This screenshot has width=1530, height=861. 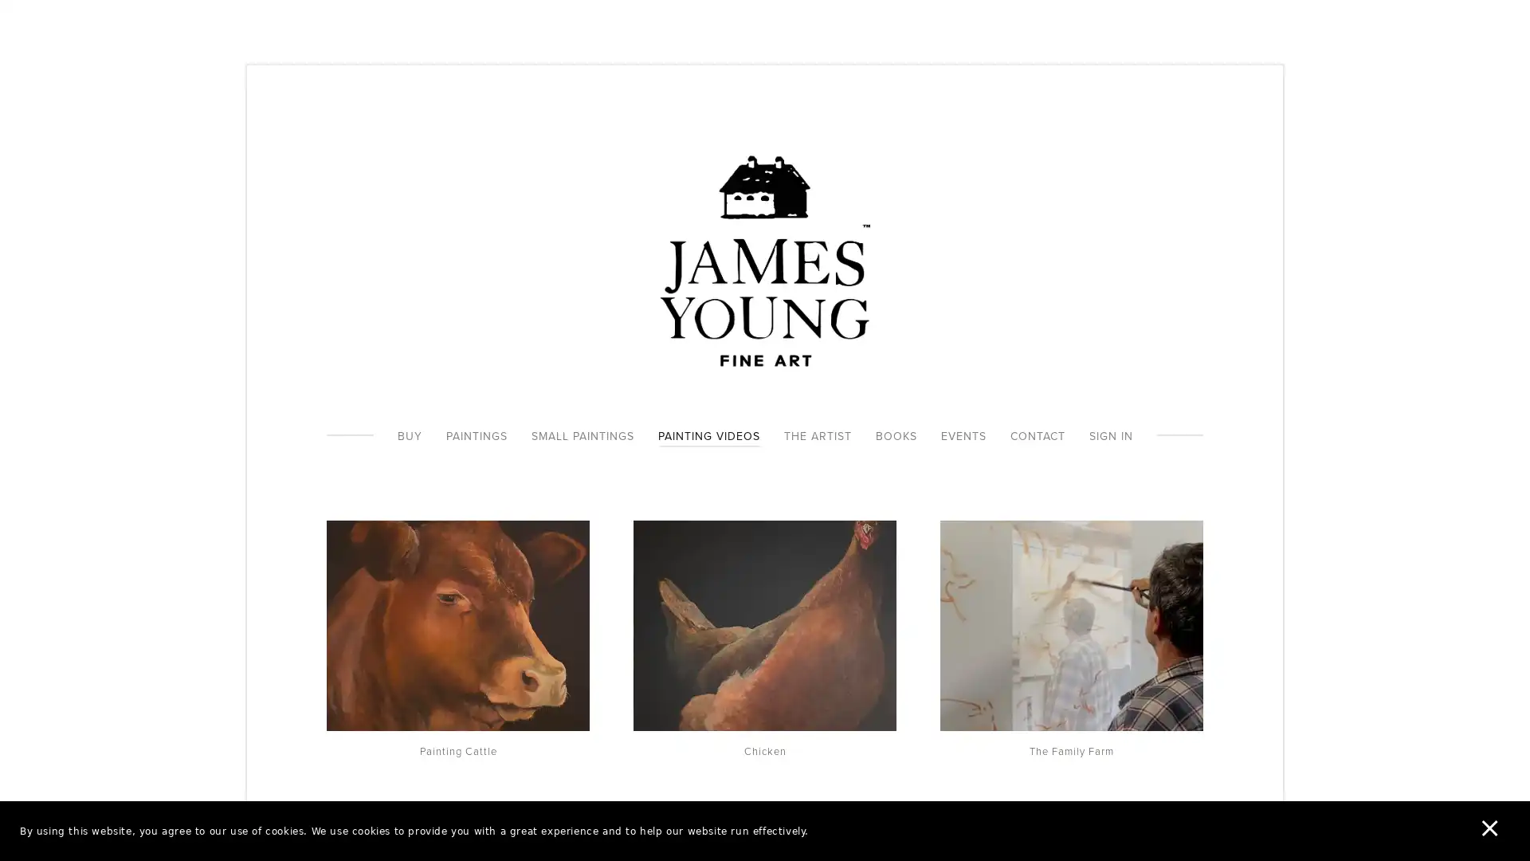 I want to click on Sign Up!, so click(x=765, y=526).